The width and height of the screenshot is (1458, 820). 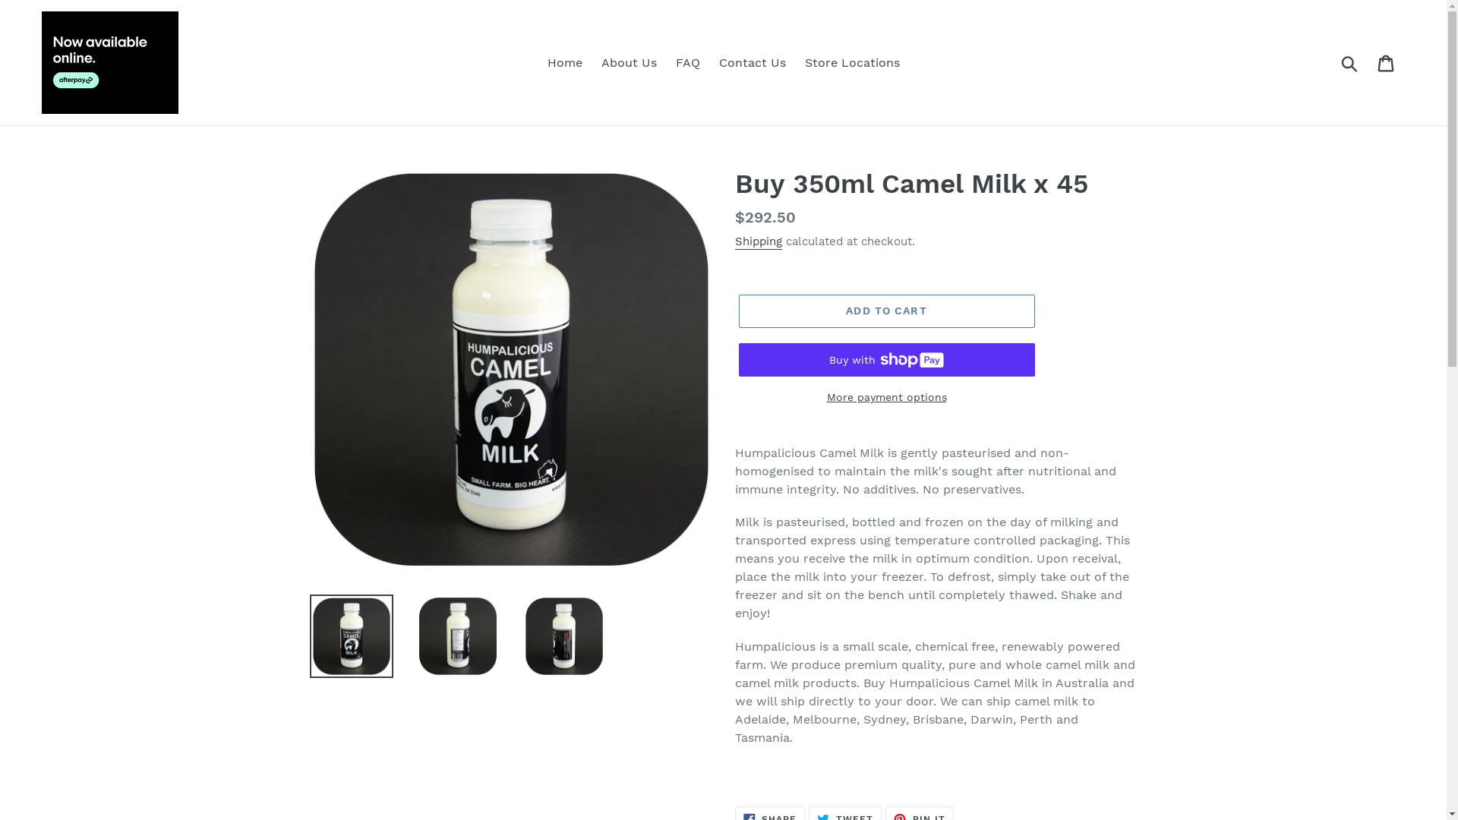 What do you see at coordinates (629, 62) in the screenshot?
I see `'About Us'` at bounding box center [629, 62].